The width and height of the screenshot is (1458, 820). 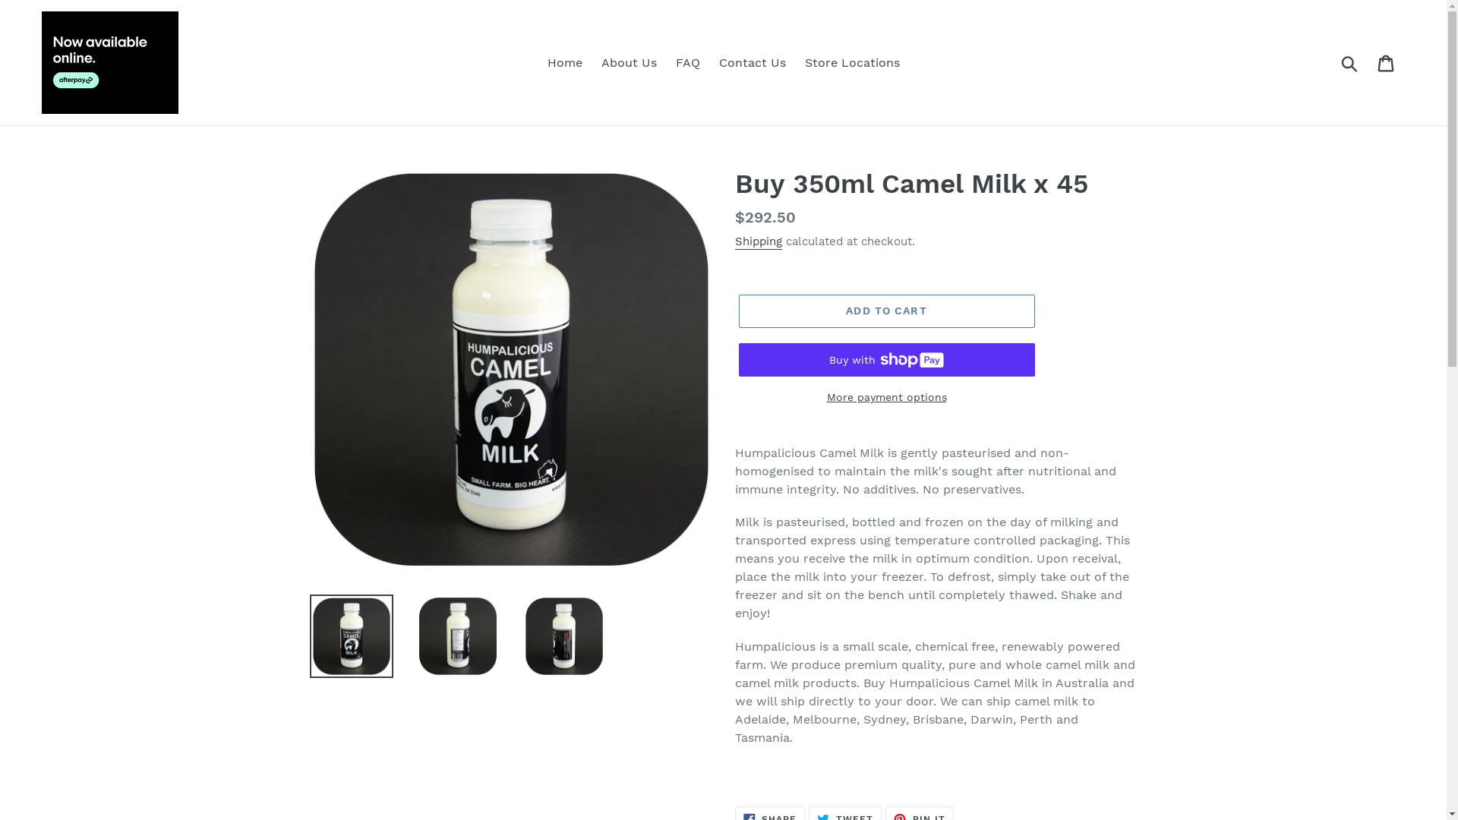 What do you see at coordinates (629, 62) in the screenshot?
I see `'About Us'` at bounding box center [629, 62].